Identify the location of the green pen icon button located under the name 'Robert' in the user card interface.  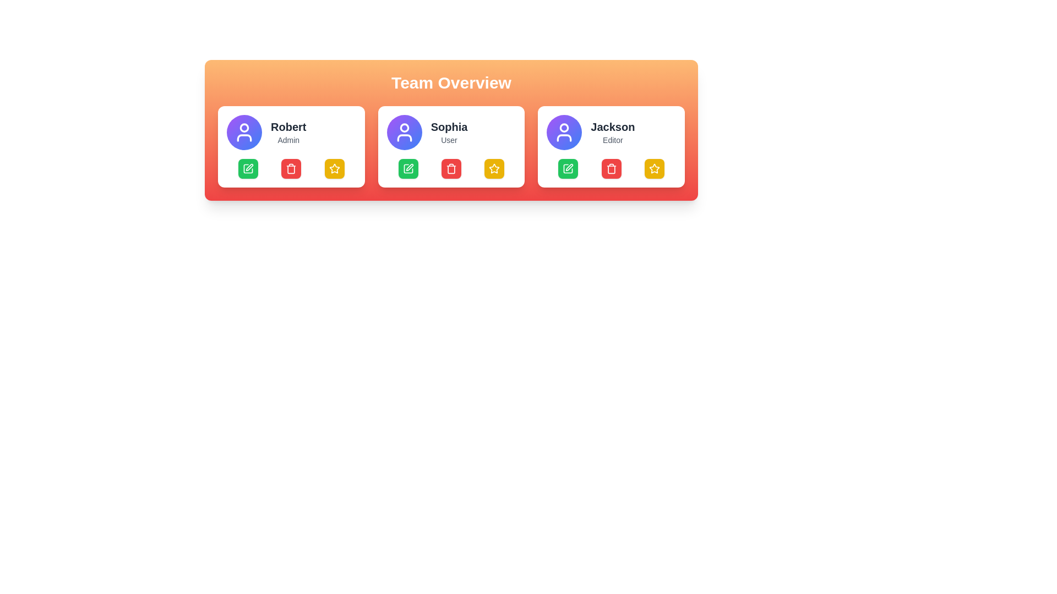
(248, 169).